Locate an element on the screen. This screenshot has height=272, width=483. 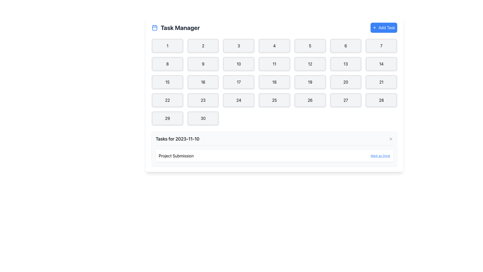
the interactive button labeled '20' located in the third row and sixth column of the calendar grid is located at coordinates (345, 82).